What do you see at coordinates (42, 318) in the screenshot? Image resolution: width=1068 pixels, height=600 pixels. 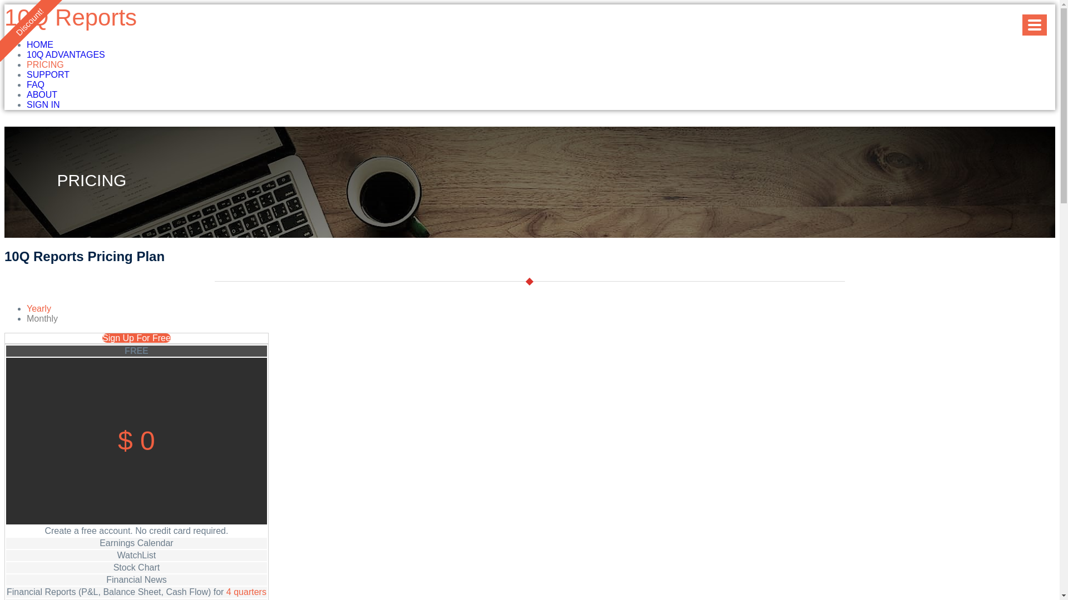 I see `'Monthly'` at bounding box center [42, 318].